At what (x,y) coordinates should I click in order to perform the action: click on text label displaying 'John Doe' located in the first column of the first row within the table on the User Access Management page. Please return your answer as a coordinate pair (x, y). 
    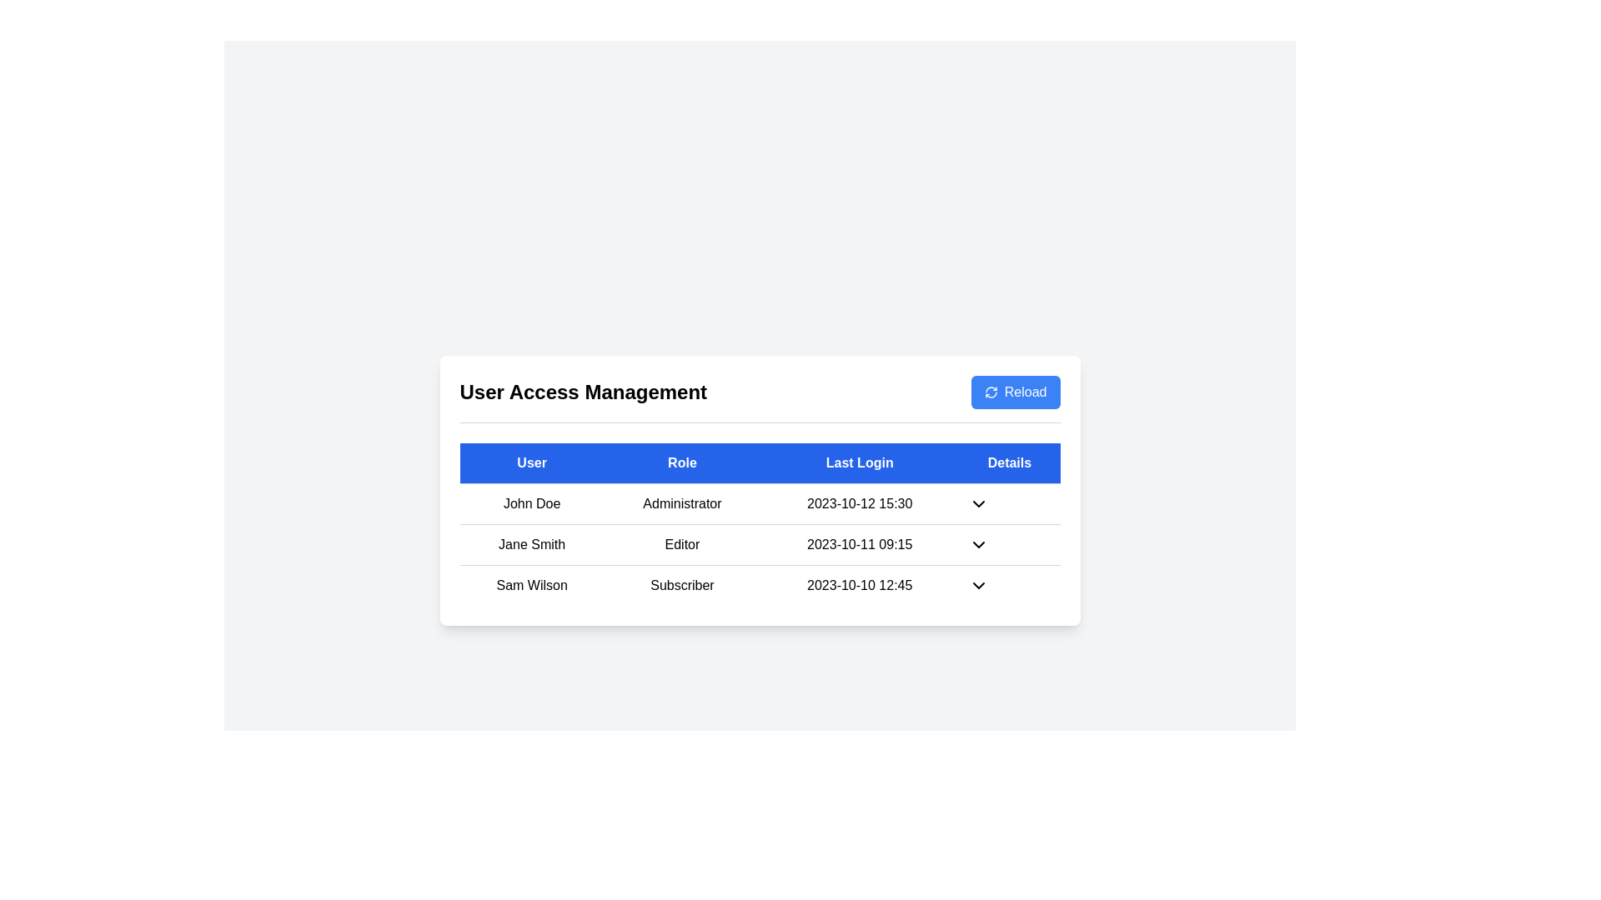
    Looking at the image, I should click on (531, 503).